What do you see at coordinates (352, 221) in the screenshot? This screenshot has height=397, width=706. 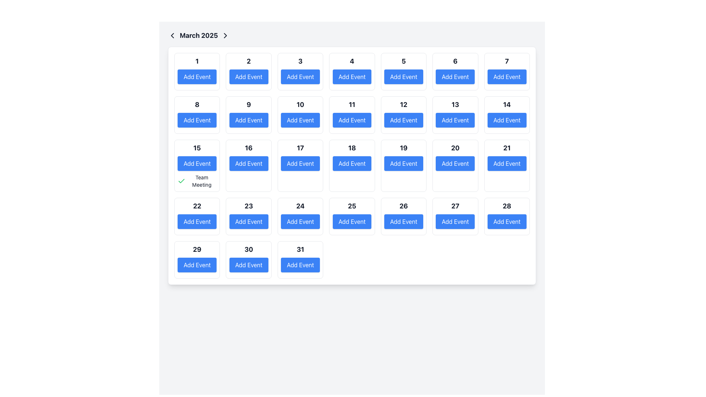 I see `the 'Add Event' button with a blue background located below the bold '25' text in the calendar day slot labeled '25'` at bounding box center [352, 221].